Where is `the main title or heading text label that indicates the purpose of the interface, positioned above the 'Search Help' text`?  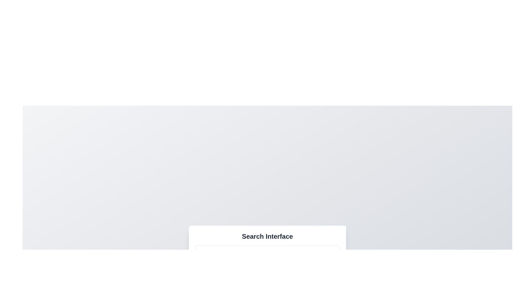
the main title or heading text label that indicates the purpose of the interface, positioned above the 'Search Help' text is located at coordinates (267, 236).